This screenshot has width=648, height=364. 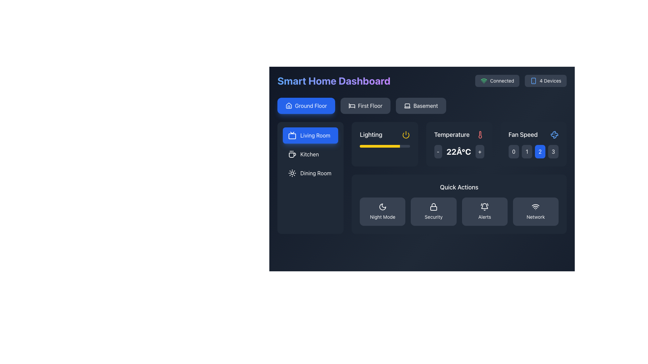 I want to click on the bright blue fan-shaped icon located in the top right corner of the 'Fan Speed' panel, so click(x=554, y=135).